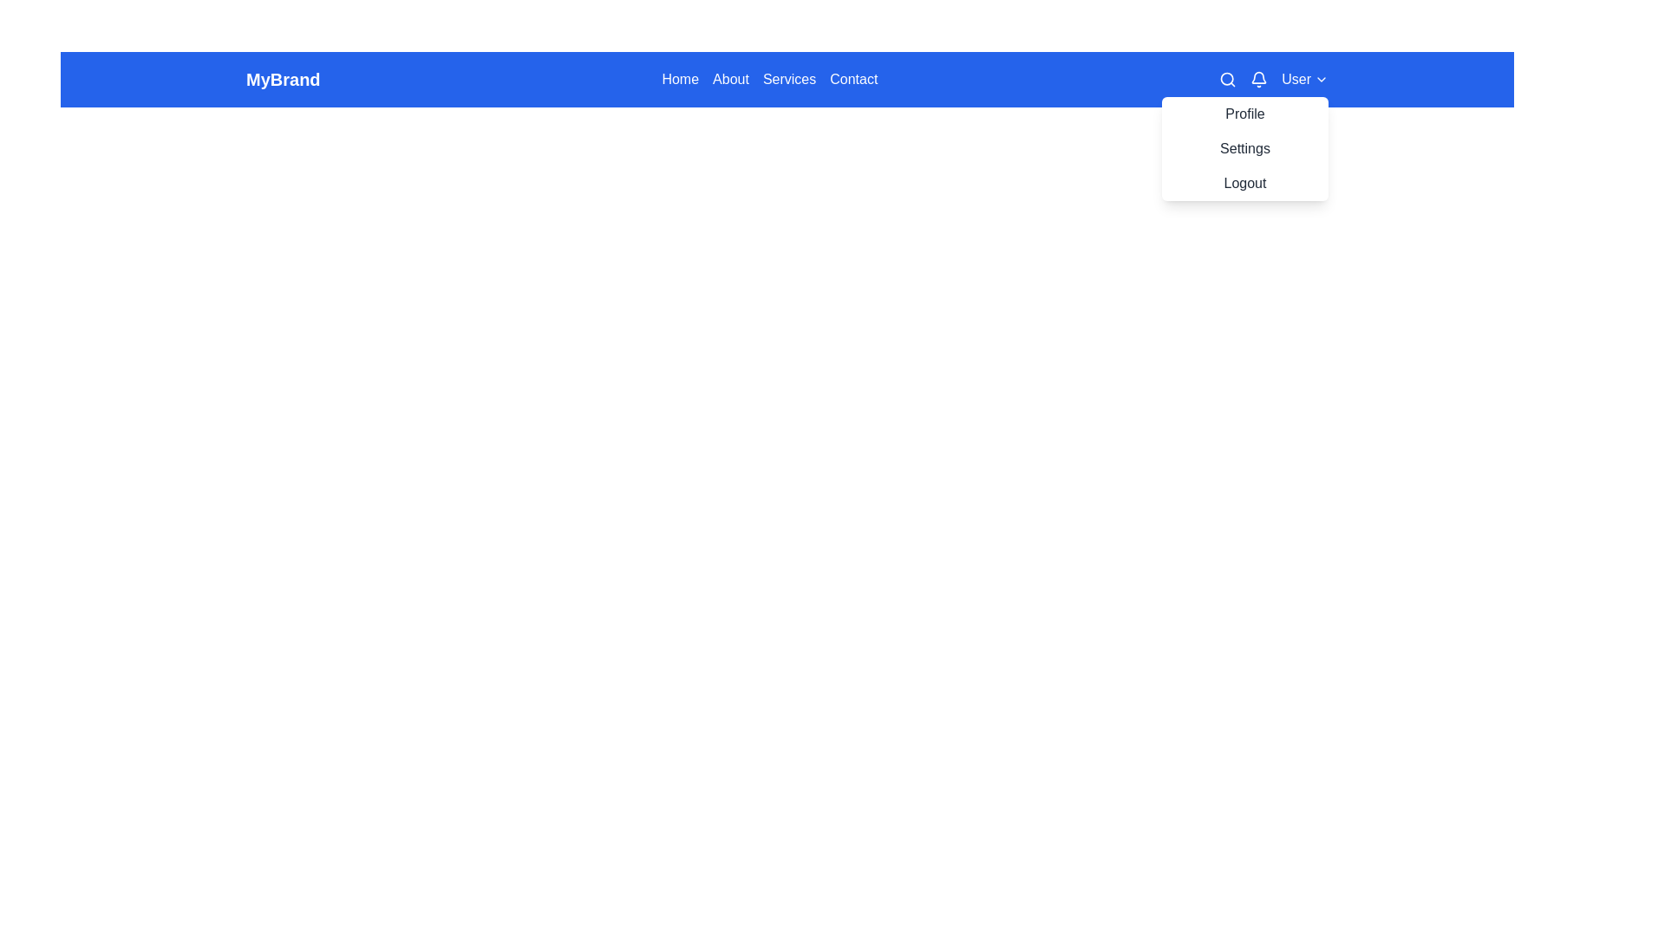 This screenshot has width=1665, height=936. I want to click on the 'Services' navigation link, which is a bold blue text label located in the navigation bar between 'About' and 'Contact', so click(786, 80).